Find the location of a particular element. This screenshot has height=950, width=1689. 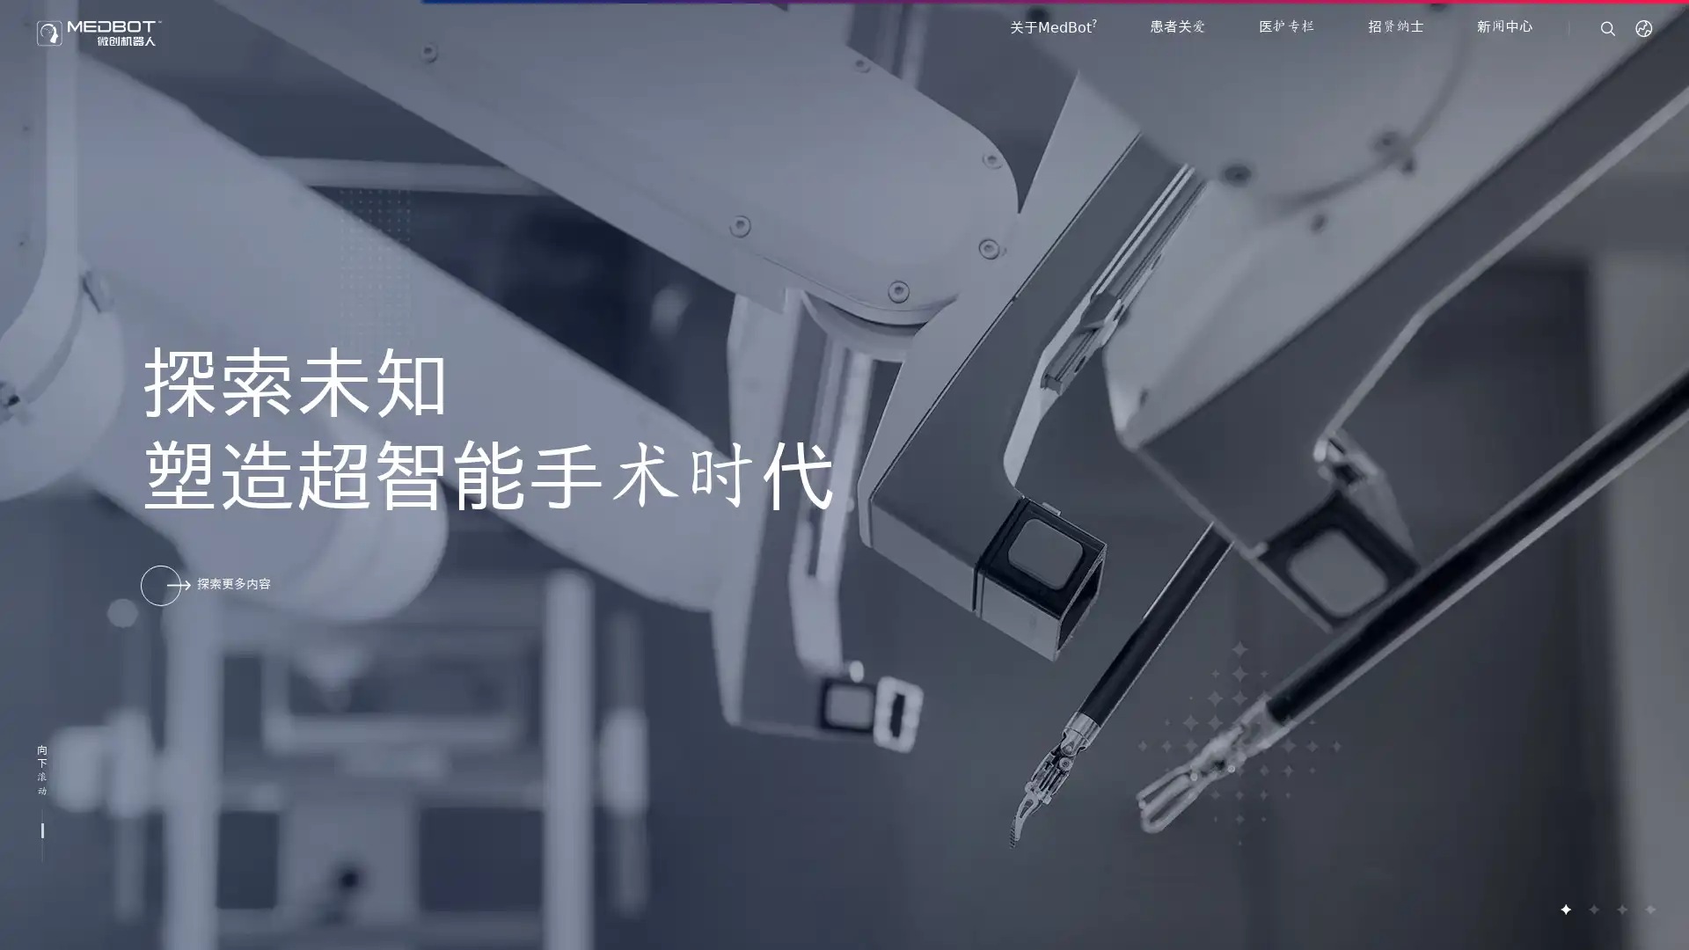

Go to slide 4 is located at coordinates (1649, 909).